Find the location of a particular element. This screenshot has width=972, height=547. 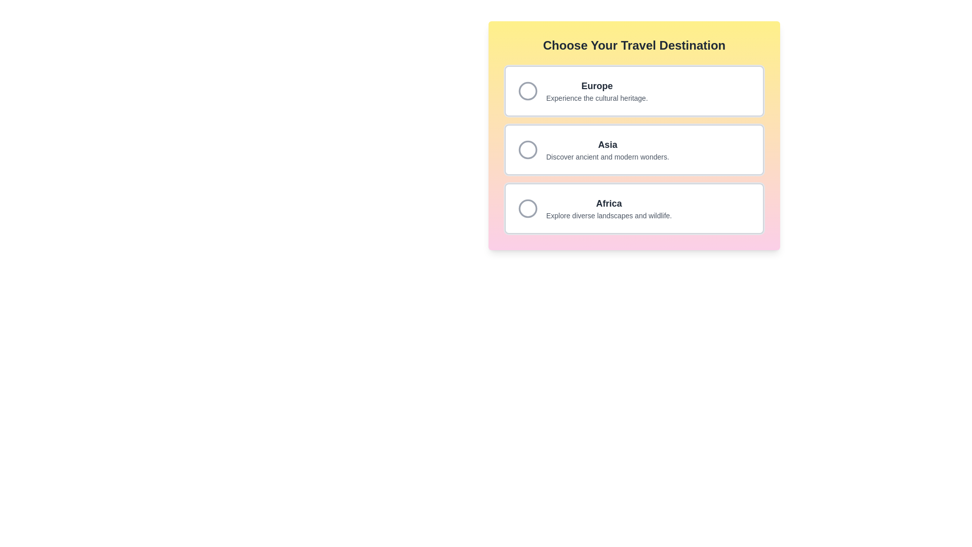

the selected radio button for 'Asia' in the 'Choose Your Travel Destination' list is located at coordinates (527, 150).